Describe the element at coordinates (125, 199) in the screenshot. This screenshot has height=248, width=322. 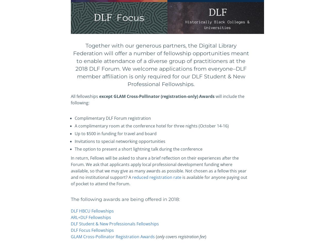
I see `'The following awards are being offered in 2018:'` at that location.